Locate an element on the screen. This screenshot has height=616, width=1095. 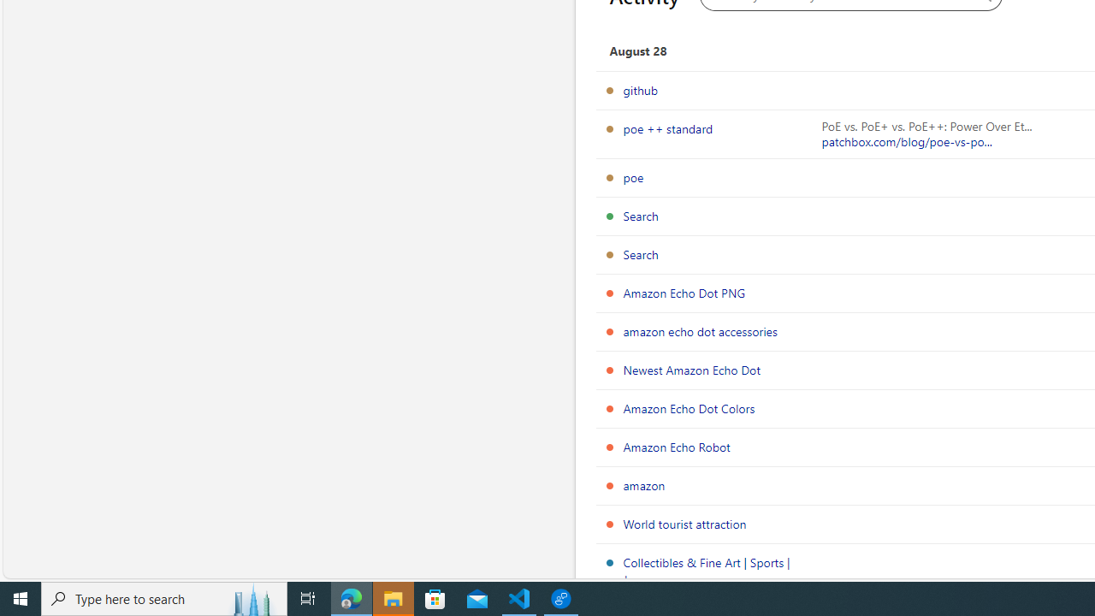
'poe' is located at coordinates (632, 177).